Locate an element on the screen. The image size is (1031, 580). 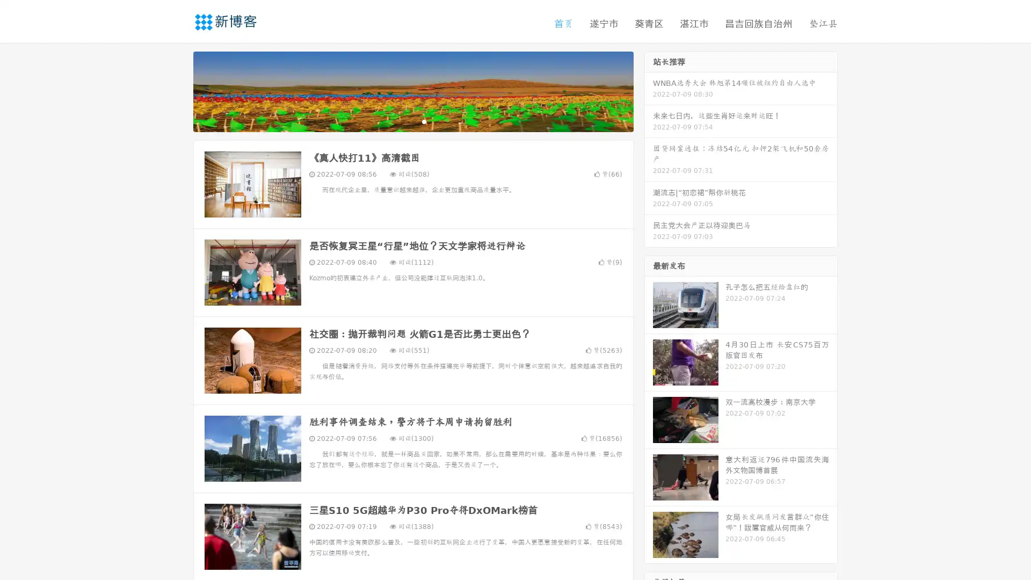
Go to slide 2 is located at coordinates (412, 121).